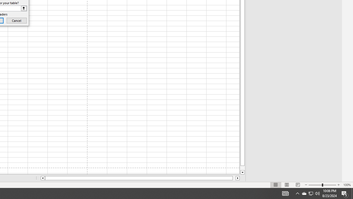 The image size is (353, 199). What do you see at coordinates (297, 185) in the screenshot?
I see `'Page Break Preview'` at bounding box center [297, 185].